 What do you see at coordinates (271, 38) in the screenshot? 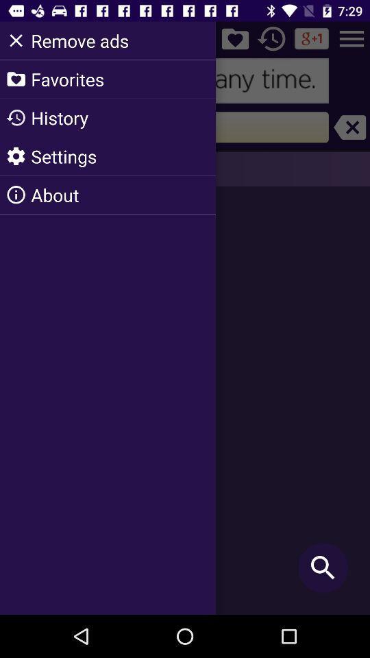
I see `the history icon` at bounding box center [271, 38].